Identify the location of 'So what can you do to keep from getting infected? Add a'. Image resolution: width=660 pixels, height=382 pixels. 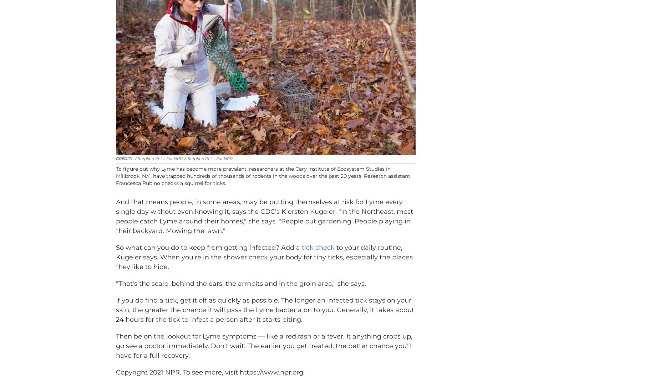
(209, 258).